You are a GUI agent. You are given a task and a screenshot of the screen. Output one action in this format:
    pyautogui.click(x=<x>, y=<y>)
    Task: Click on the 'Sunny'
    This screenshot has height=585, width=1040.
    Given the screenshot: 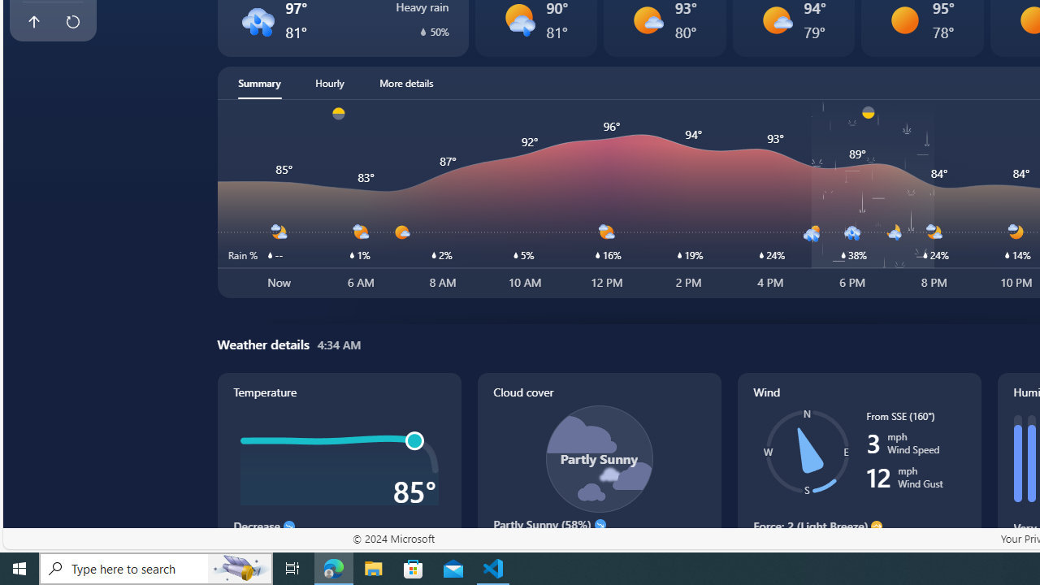 What is the action you would take?
    pyautogui.click(x=904, y=19)
    